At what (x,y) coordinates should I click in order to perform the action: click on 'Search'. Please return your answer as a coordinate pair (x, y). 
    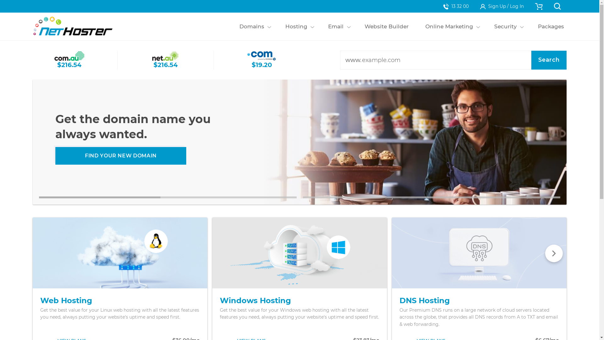
    Looking at the image, I should click on (531, 60).